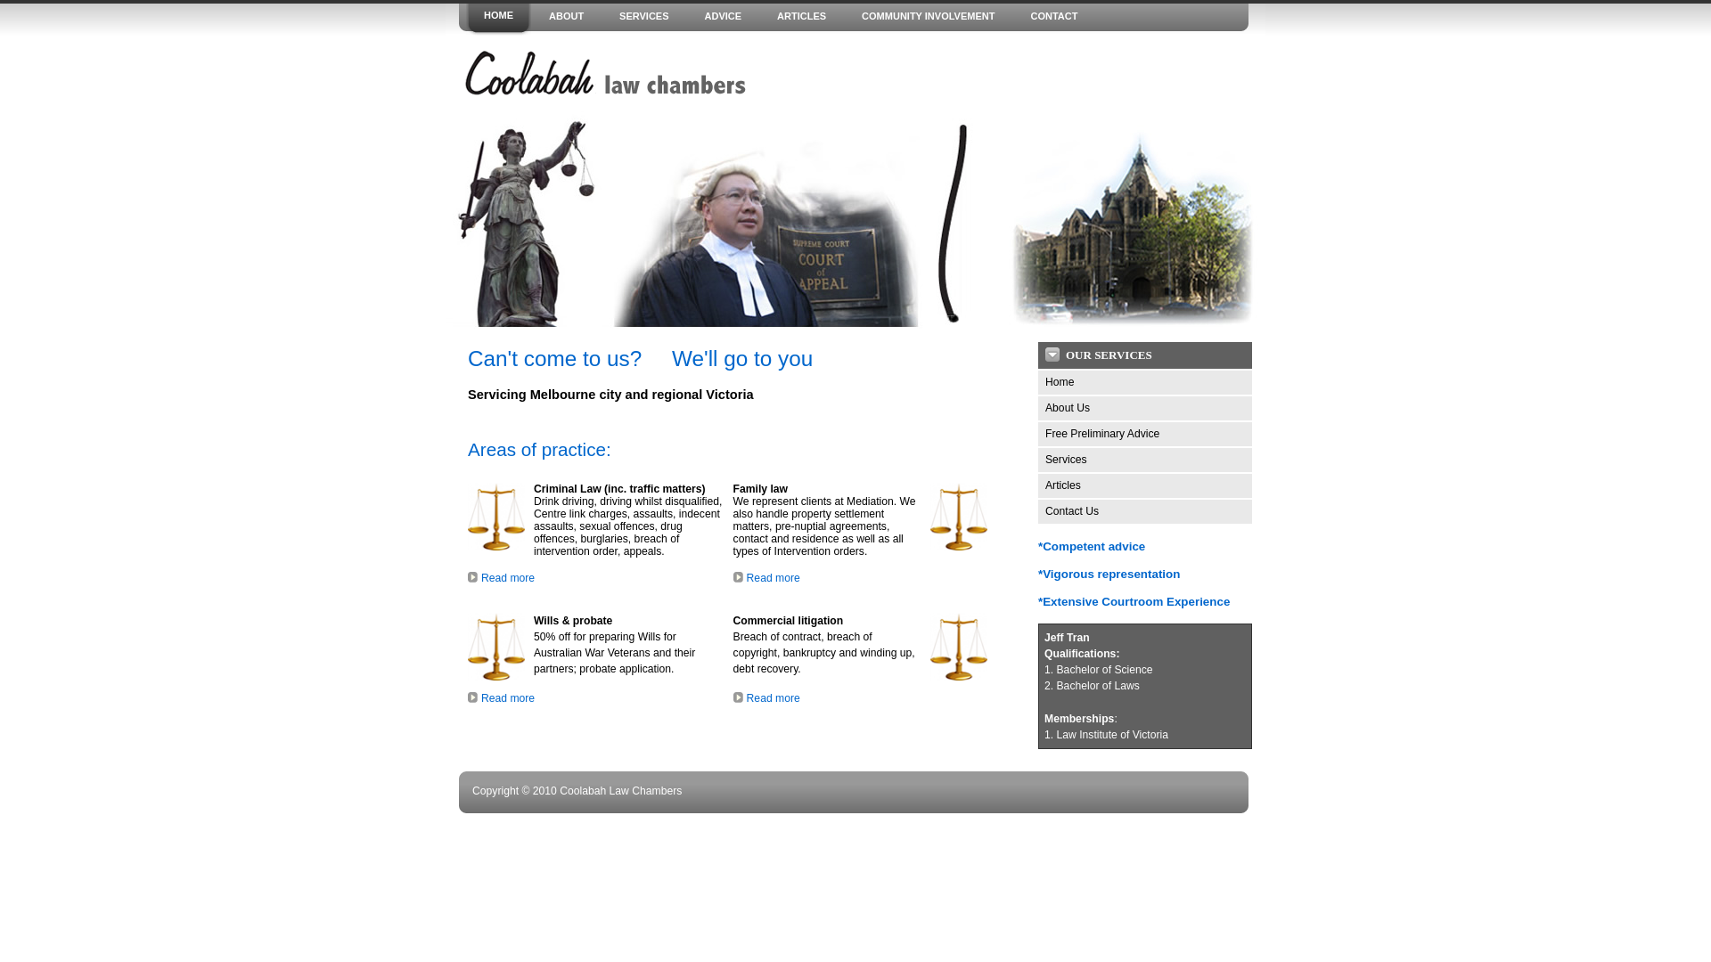 The image size is (1711, 962). I want to click on 'About Us', so click(1145, 408).